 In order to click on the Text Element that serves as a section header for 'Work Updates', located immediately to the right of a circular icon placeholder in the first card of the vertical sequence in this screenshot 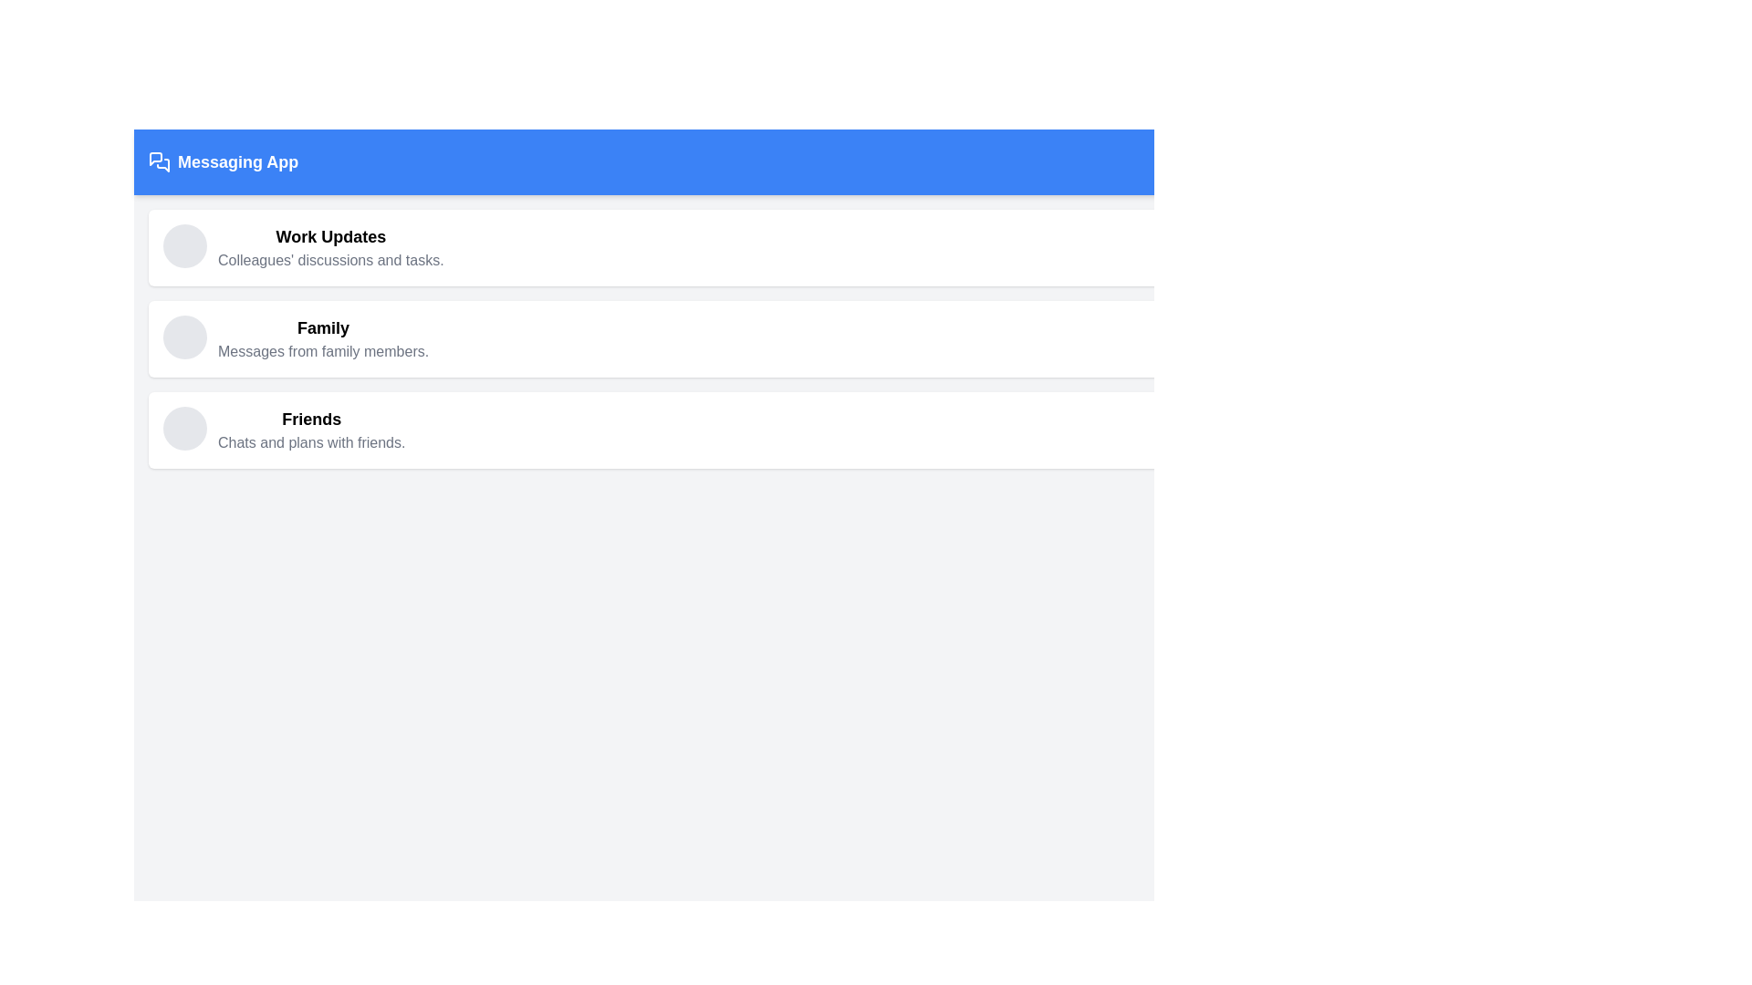, I will do `click(330, 248)`.